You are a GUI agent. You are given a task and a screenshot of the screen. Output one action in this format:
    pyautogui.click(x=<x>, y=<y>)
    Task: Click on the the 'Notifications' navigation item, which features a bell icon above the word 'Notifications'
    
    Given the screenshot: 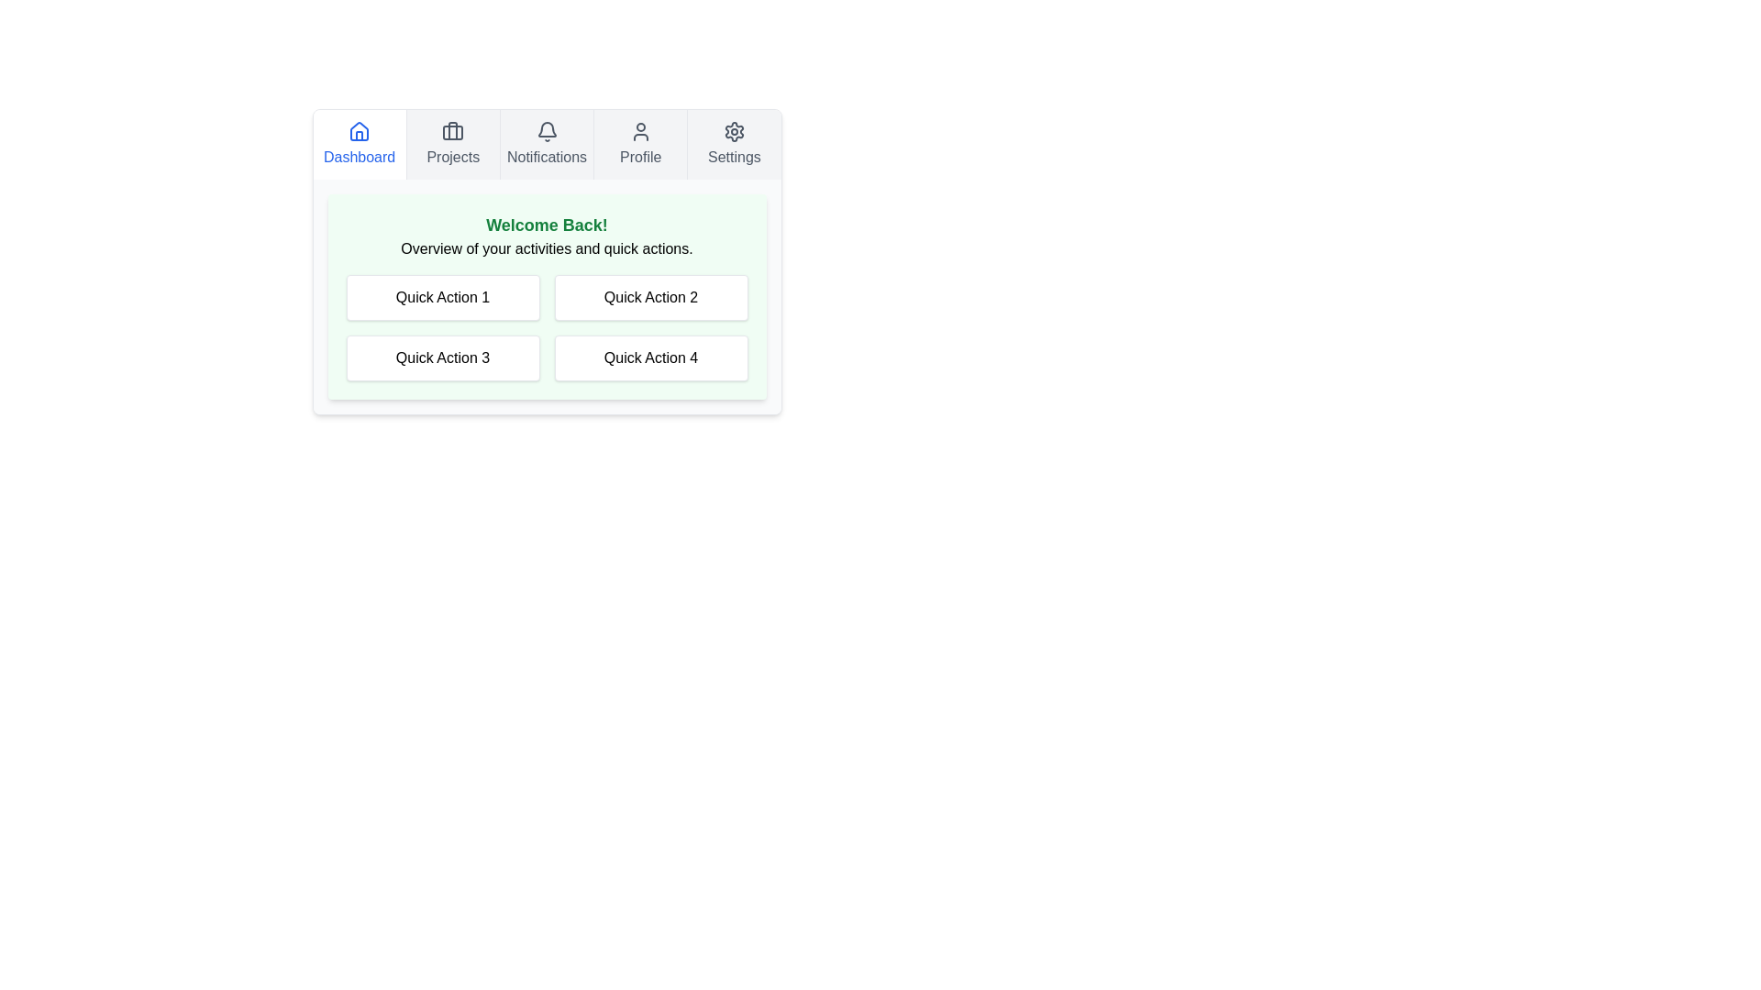 What is the action you would take?
    pyautogui.click(x=546, y=144)
    